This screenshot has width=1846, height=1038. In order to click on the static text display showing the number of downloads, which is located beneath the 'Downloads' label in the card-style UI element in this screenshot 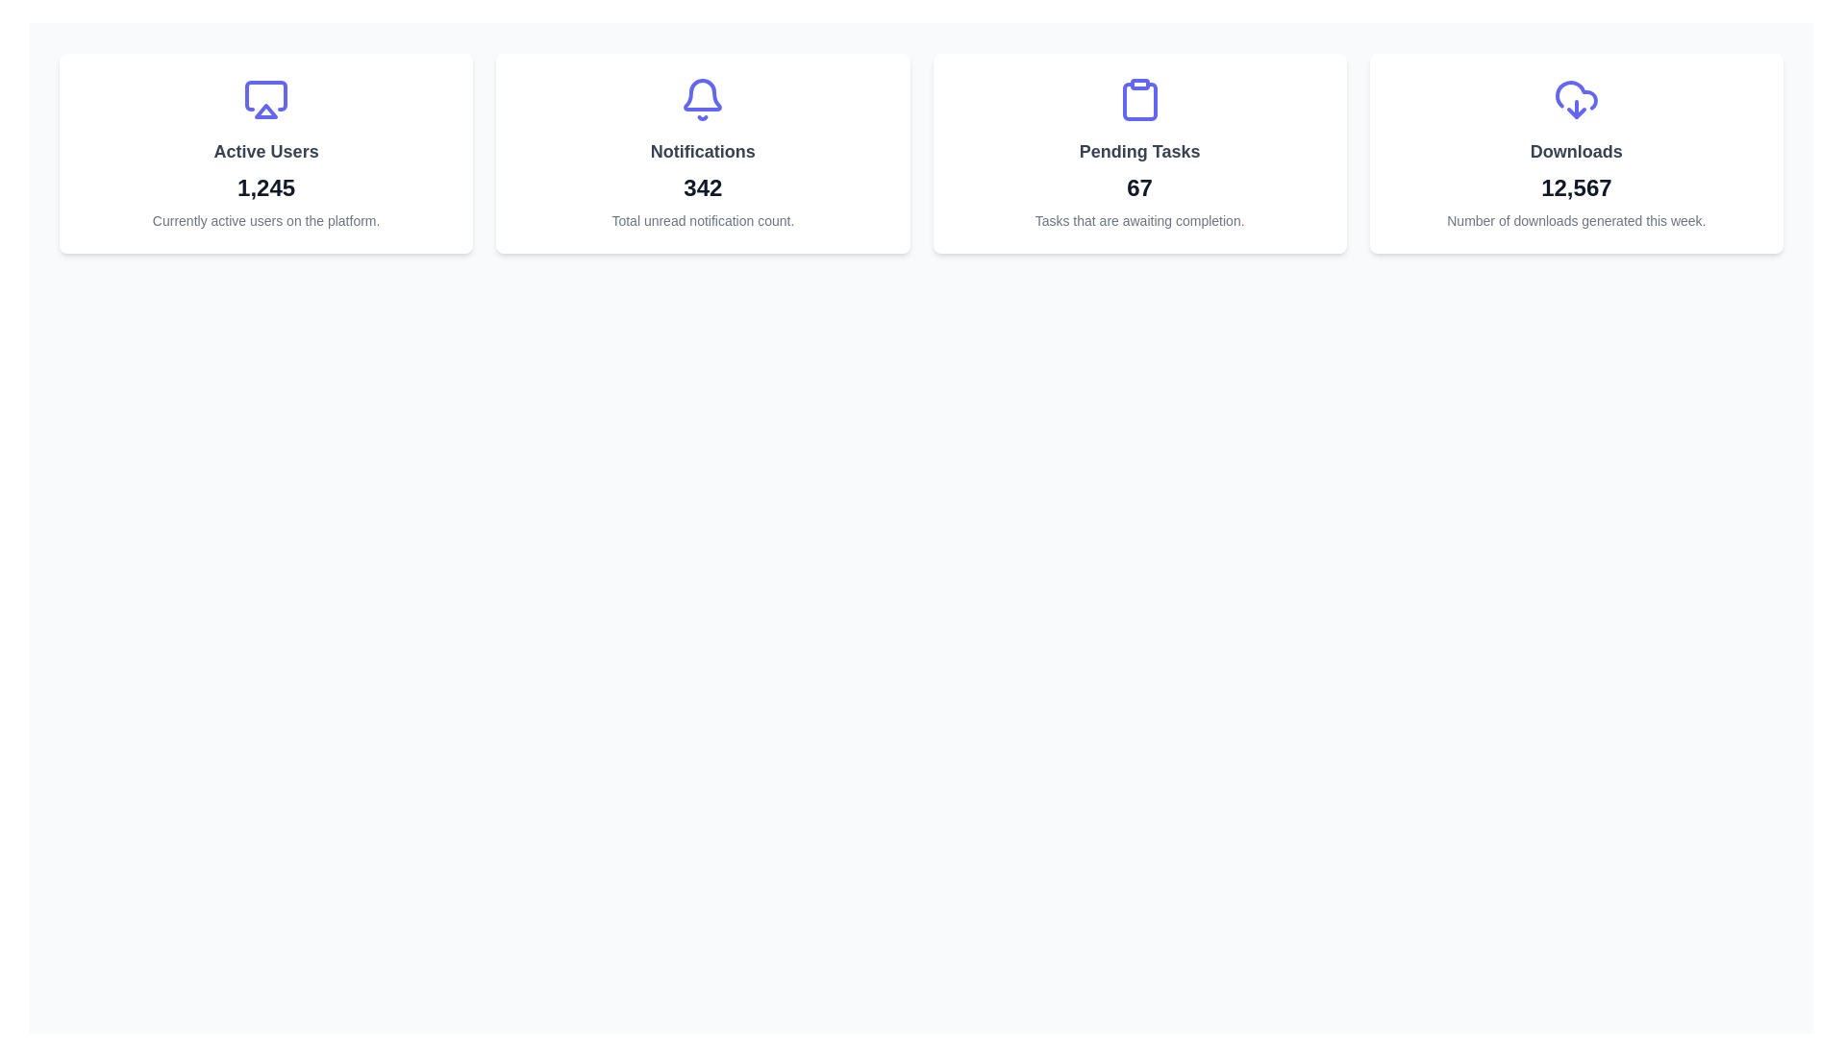, I will do `click(1576, 188)`.